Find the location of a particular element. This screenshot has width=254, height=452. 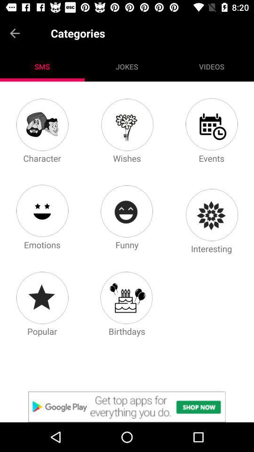

advertisement is located at coordinates (127, 406).